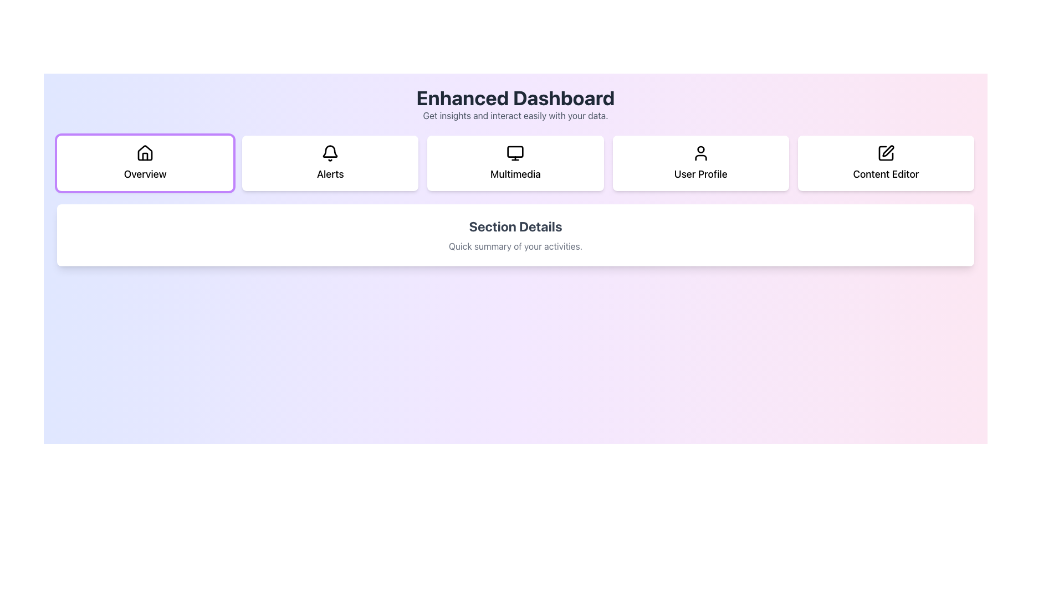 The height and width of the screenshot is (598, 1064). Describe the element at coordinates (515, 163) in the screenshot. I see `the 'Multimedia' button, which is a white card with rounded corners and a monitor icon, located in the middle of a grid as the third item from the left` at that location.